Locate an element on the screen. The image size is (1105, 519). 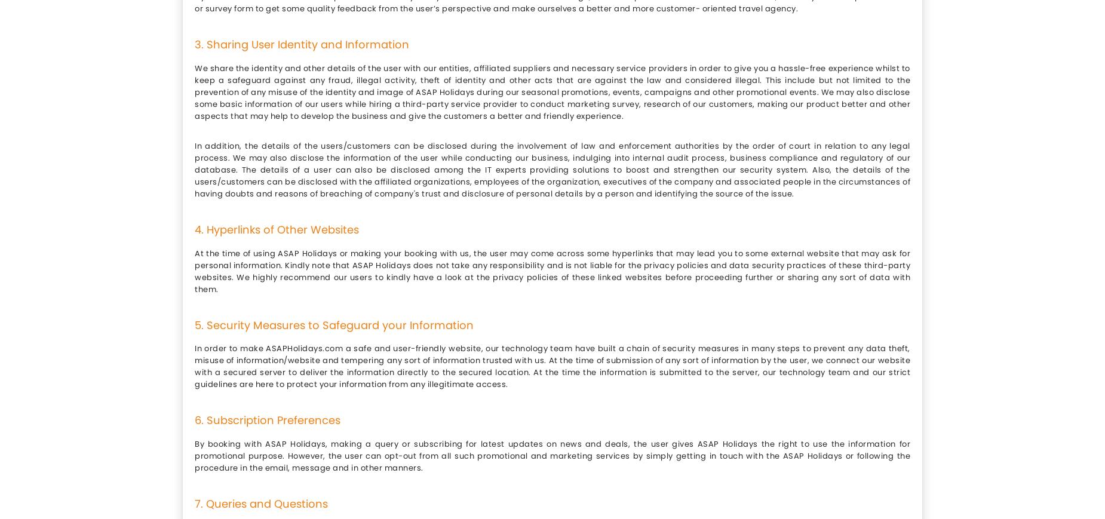
'6. Subscription Preferences' is located at coordinates (194, 420).